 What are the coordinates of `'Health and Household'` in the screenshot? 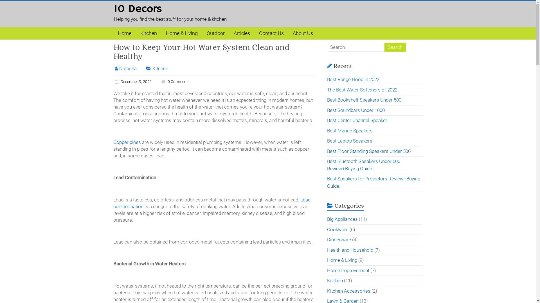 It's located at (350, 249).